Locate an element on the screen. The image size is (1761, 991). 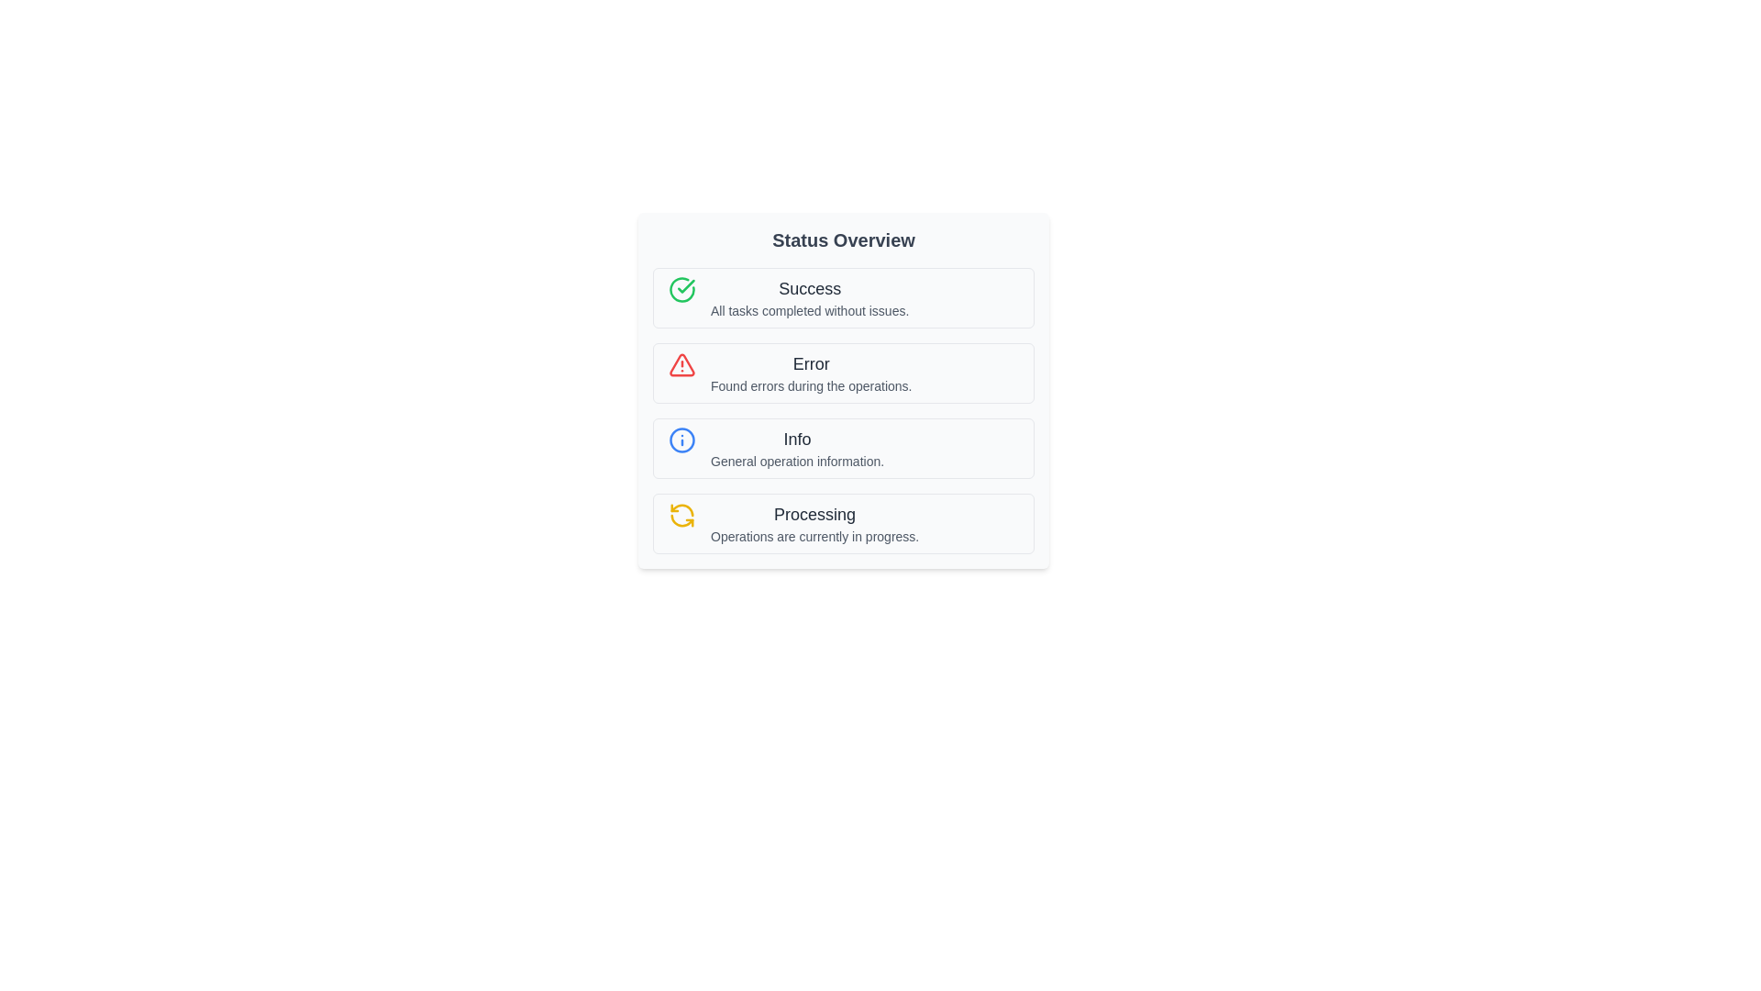
the green circular icon with a checkmark in the center, located to the left of the 'Success' notification in the first section of the notification list is located at coordinates (681, 289).